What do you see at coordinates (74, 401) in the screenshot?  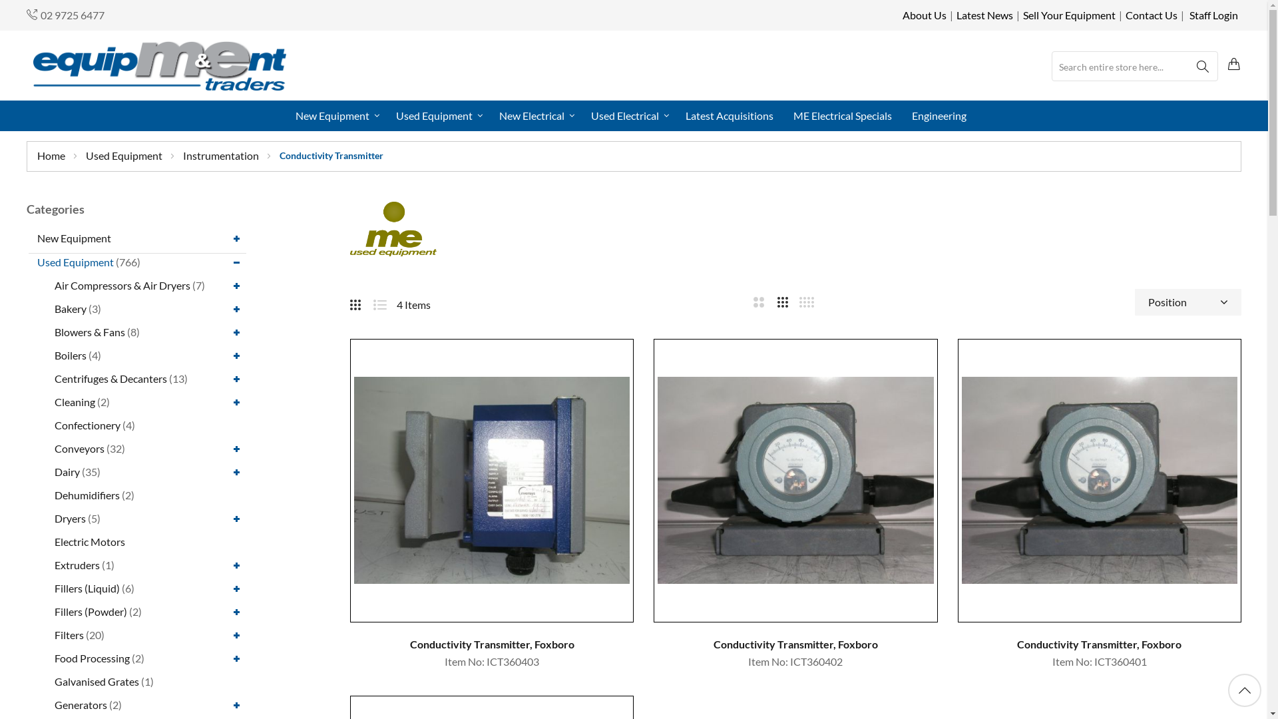 I see `'Cleaning'` at bounding box center [74, 401].